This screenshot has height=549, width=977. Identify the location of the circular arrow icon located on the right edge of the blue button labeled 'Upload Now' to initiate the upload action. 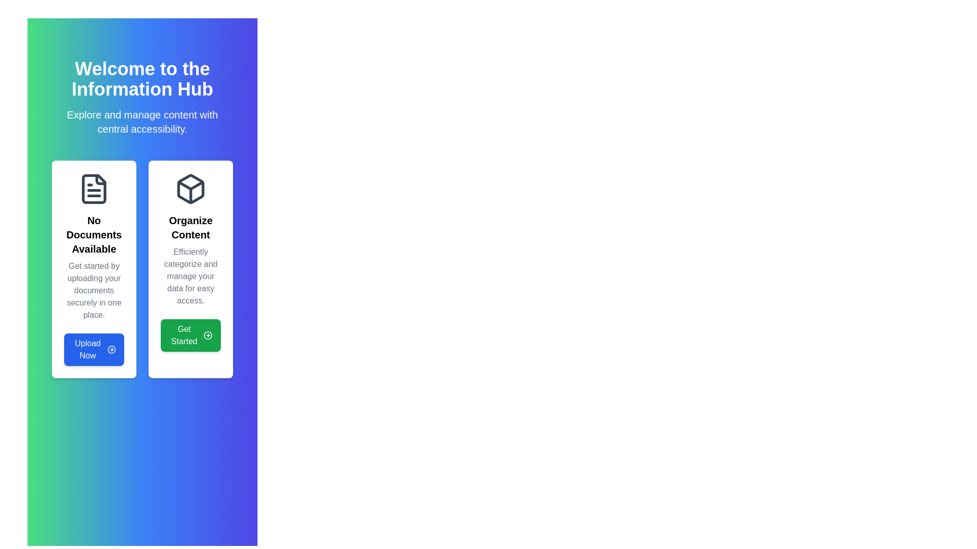
(111, 349).